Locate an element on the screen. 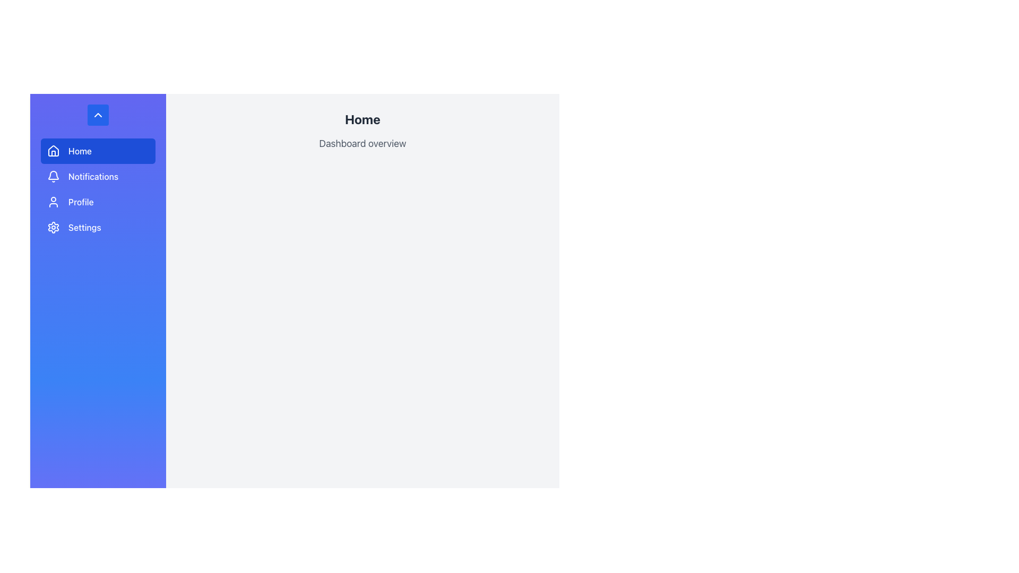 The image size is (1019, 573). the label displaying 'Dashboard overview' in gray font, located directly below the 'Home' heading is located at coordinates (362, 143).